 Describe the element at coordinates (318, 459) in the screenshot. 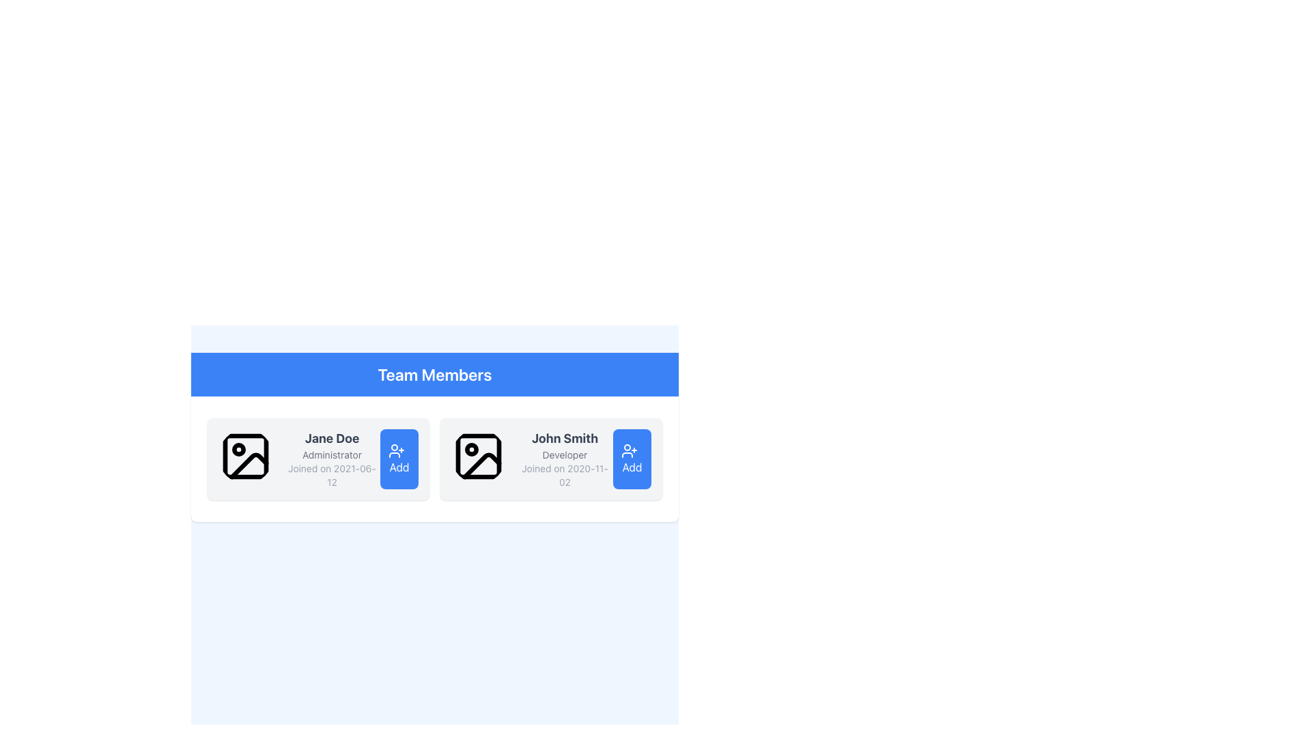

I see `the user card located at the top-left of the grid layout, just below the 'Team Members' section header, to scroll to it` at that location.